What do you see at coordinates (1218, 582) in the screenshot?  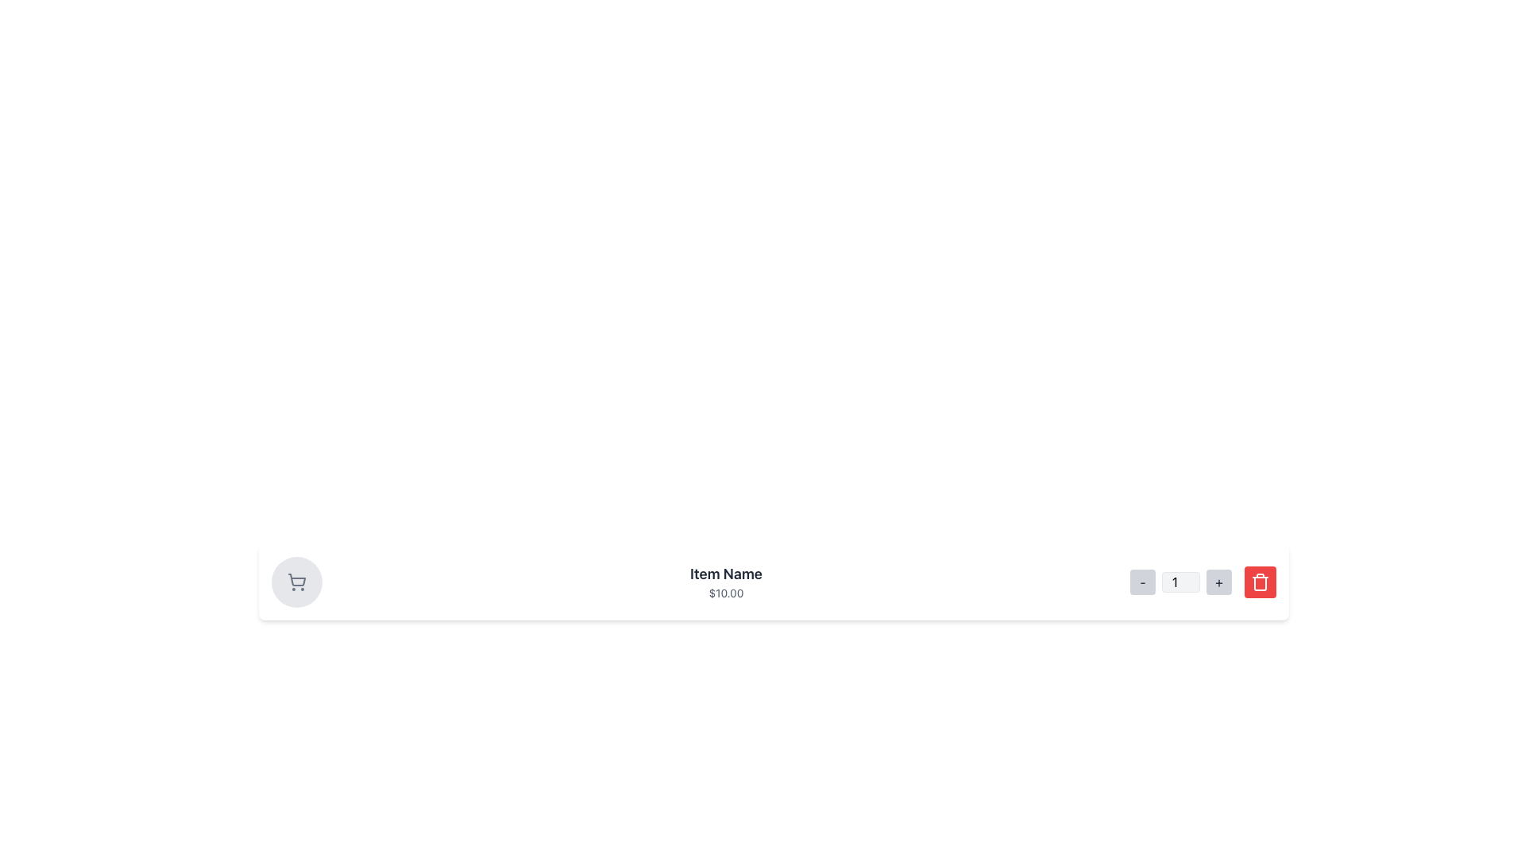 I see `the plus button located to the right of the numeric input field to increment the displayed value` at bounding box center [1218, 582].